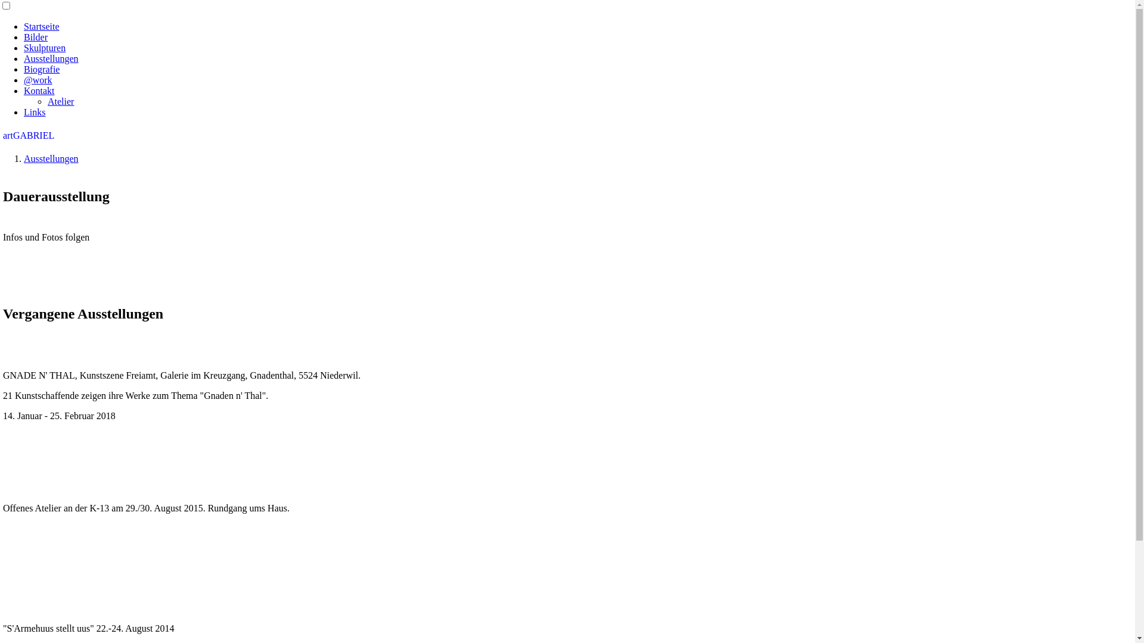 The image size is (1144, 643). I want to click on 'Kontakt', so click(39, 90).